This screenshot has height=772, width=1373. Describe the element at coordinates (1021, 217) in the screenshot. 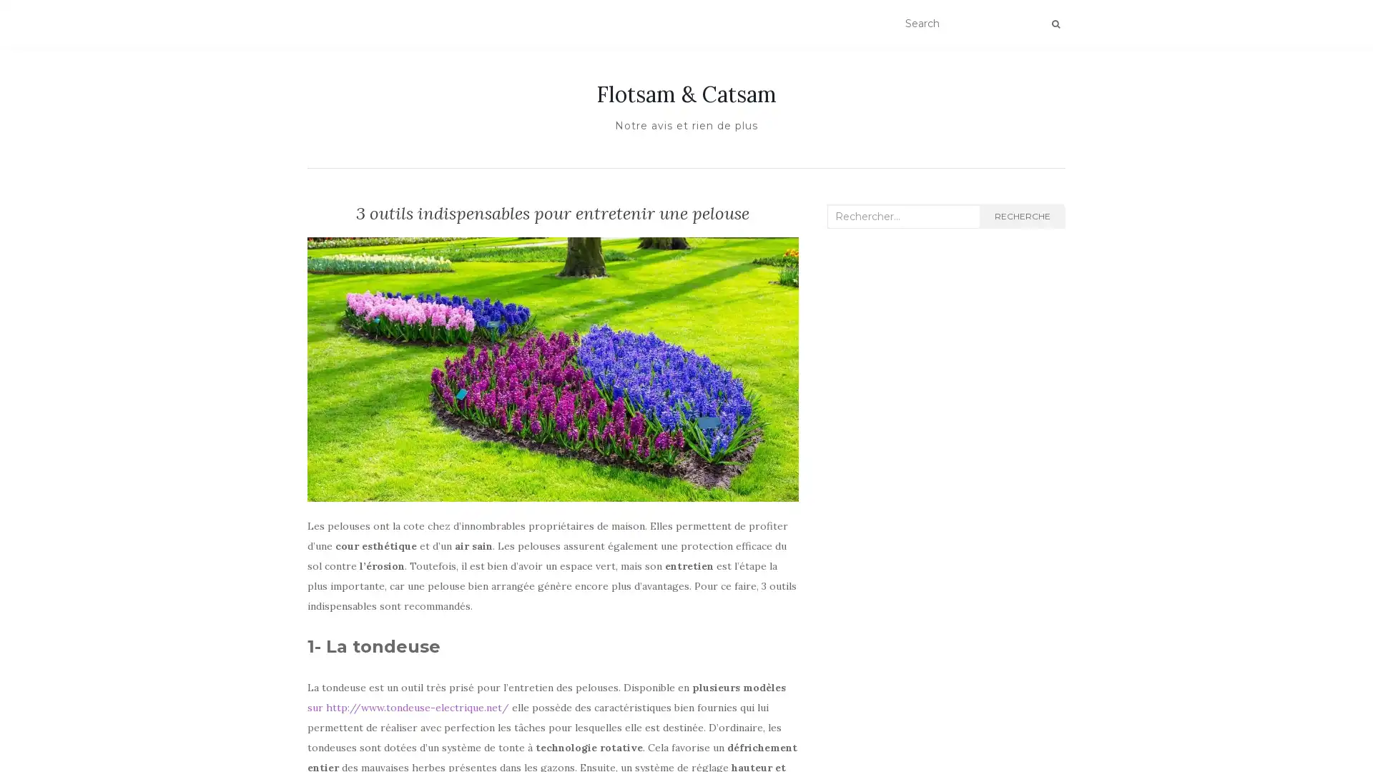

I see `RECHERCHE` at that location.